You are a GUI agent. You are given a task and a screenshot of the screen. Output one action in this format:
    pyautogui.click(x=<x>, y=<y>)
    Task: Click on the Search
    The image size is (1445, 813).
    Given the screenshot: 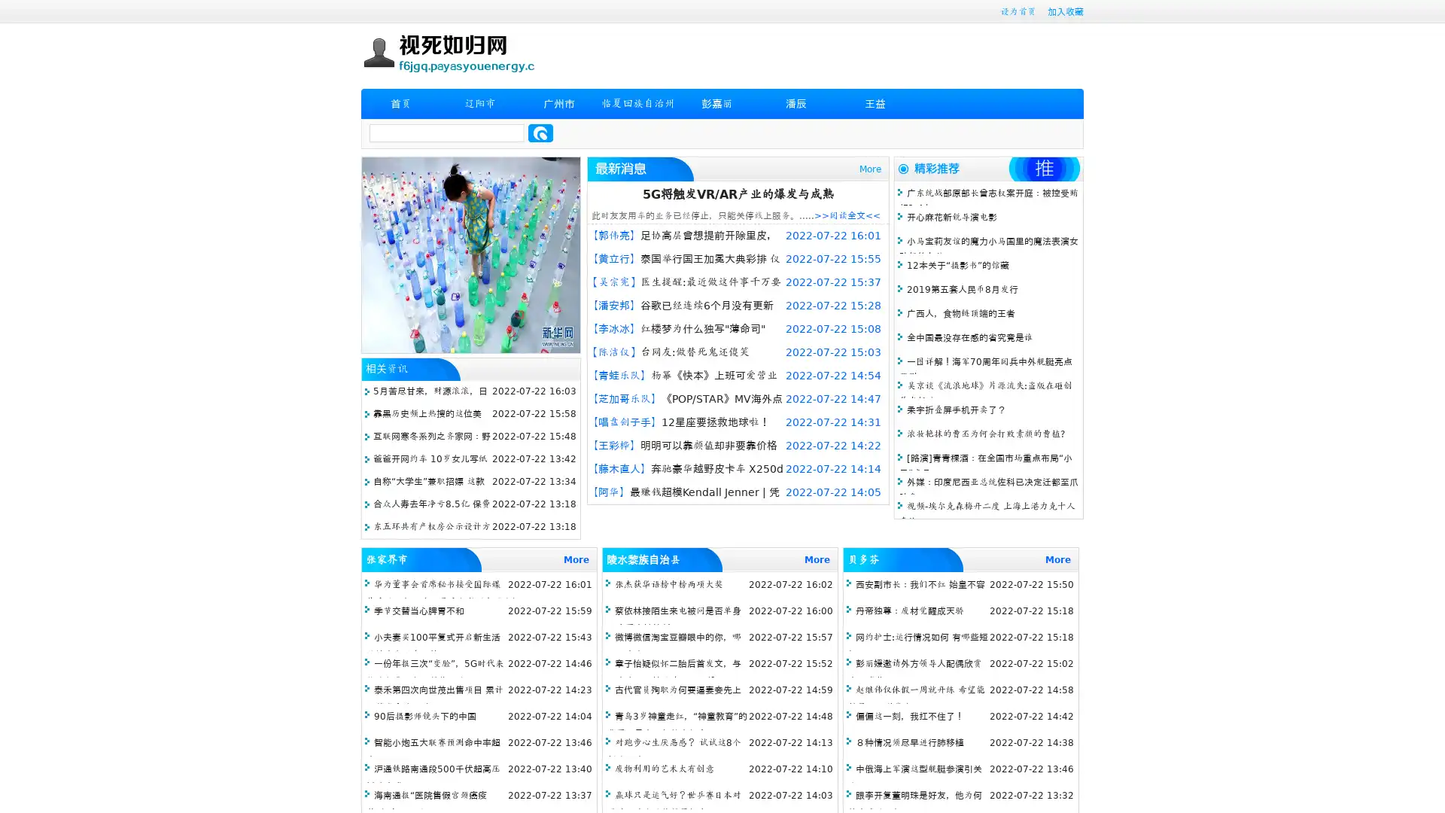 What is the action you would take?
    pyautogui.click(x=540, y=132)
    